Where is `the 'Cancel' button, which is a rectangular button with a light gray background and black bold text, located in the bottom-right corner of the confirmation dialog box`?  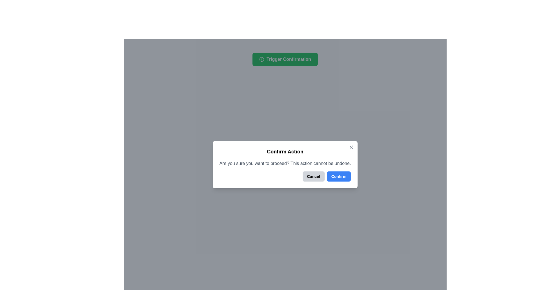
the 'Cancel' button, which is a rectangular button with a light gray background and black bold text, located in the bottom-right corner of the confirmation dialog box is located at coordinates (313, 176).